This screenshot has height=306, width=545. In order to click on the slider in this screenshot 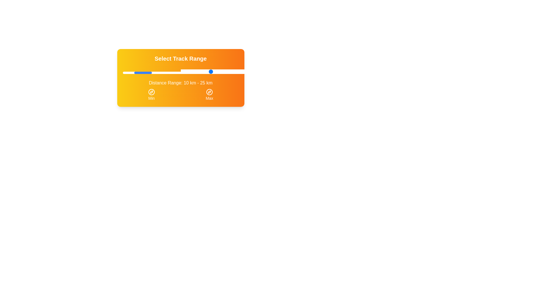, I will do `click(248, 71)`.